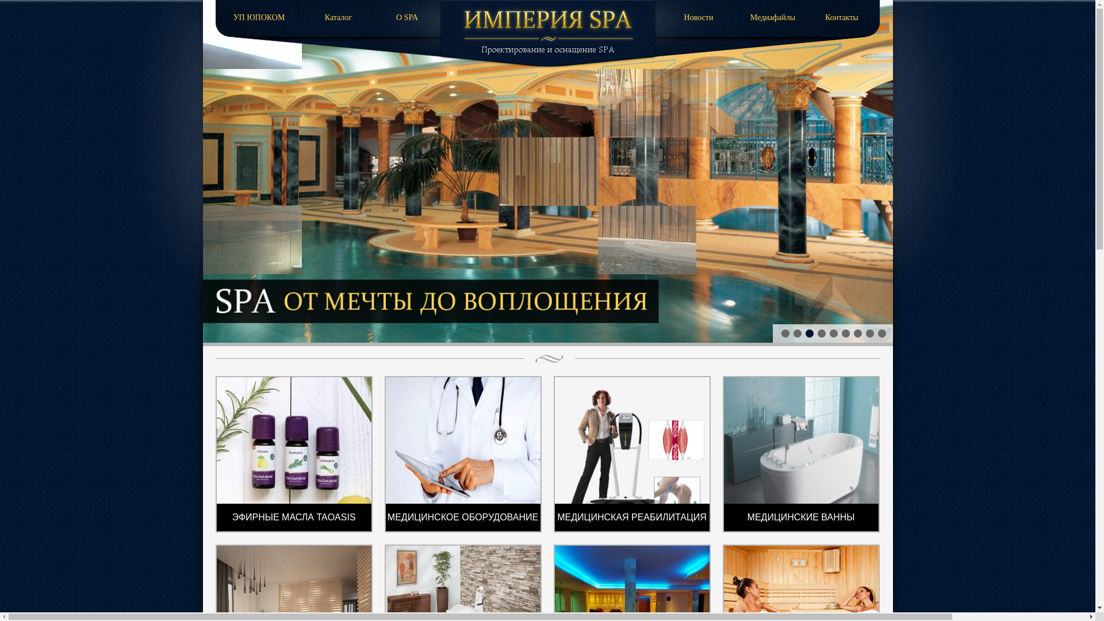  Describe the element at coordinates (821, 333) in the screenshot. I see `'4'` at that location.